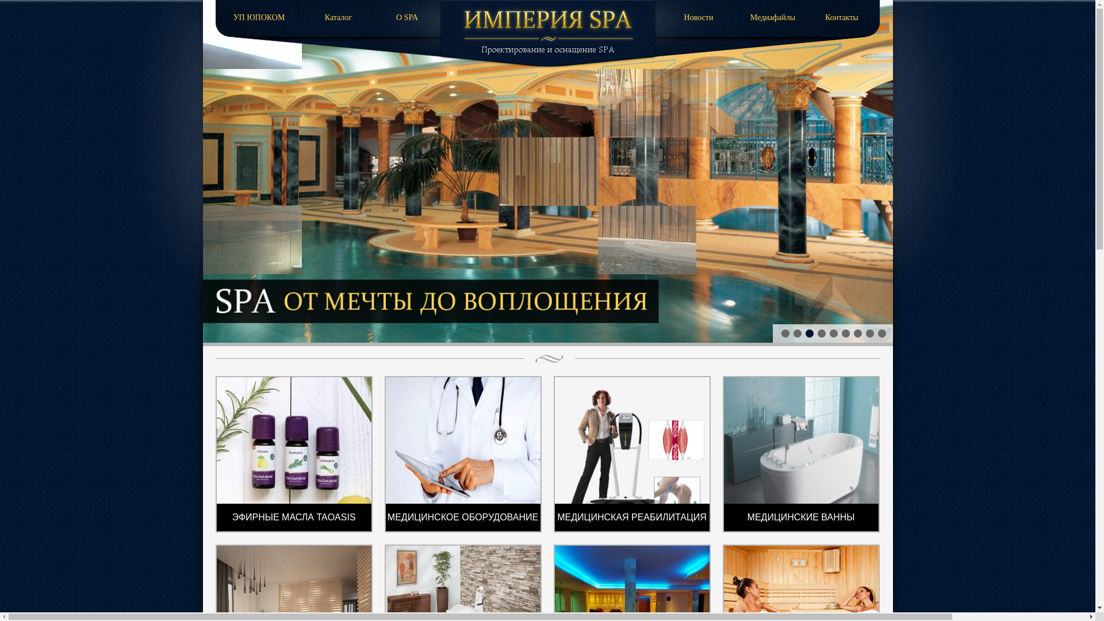  Describe the element at coordinates (821, 333) in the screenshot. I see `'4'` at that location.